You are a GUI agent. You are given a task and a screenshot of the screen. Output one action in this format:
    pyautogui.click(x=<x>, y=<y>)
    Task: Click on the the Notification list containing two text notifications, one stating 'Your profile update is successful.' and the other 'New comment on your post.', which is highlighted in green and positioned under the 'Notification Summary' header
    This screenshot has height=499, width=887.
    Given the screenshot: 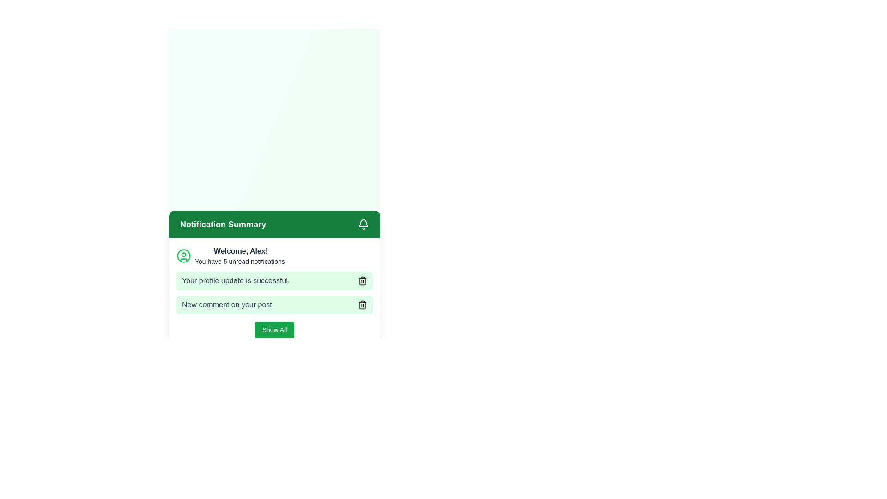 What is the action you would take?
    pyautogui.click(x=274, y=292)
    